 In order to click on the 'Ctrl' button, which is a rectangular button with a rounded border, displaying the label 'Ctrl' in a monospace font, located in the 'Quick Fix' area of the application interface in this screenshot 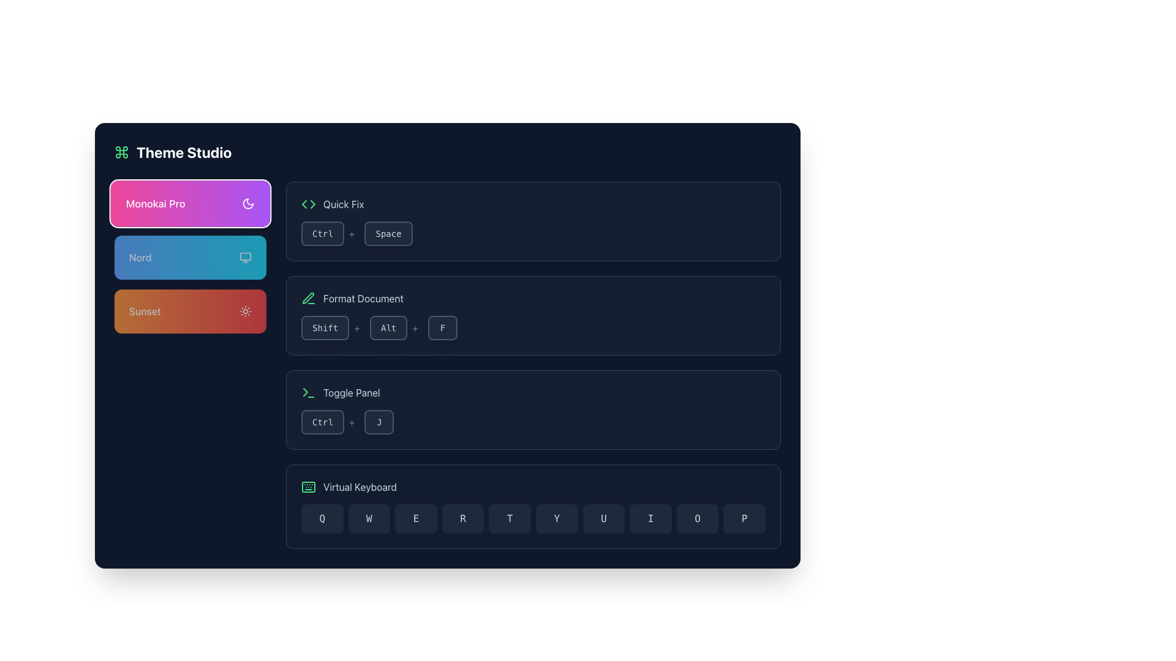, I will do `click(322, 233)`.